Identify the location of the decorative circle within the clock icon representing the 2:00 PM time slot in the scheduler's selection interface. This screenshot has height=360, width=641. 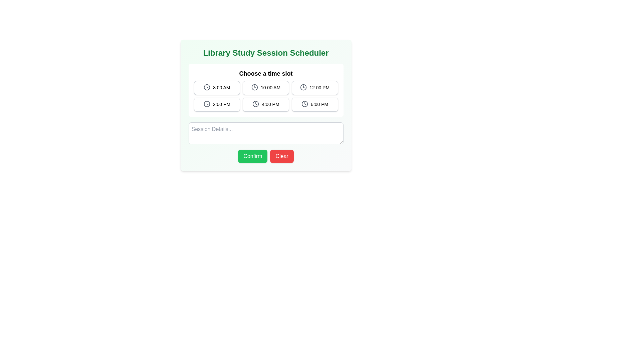
(206, 104).